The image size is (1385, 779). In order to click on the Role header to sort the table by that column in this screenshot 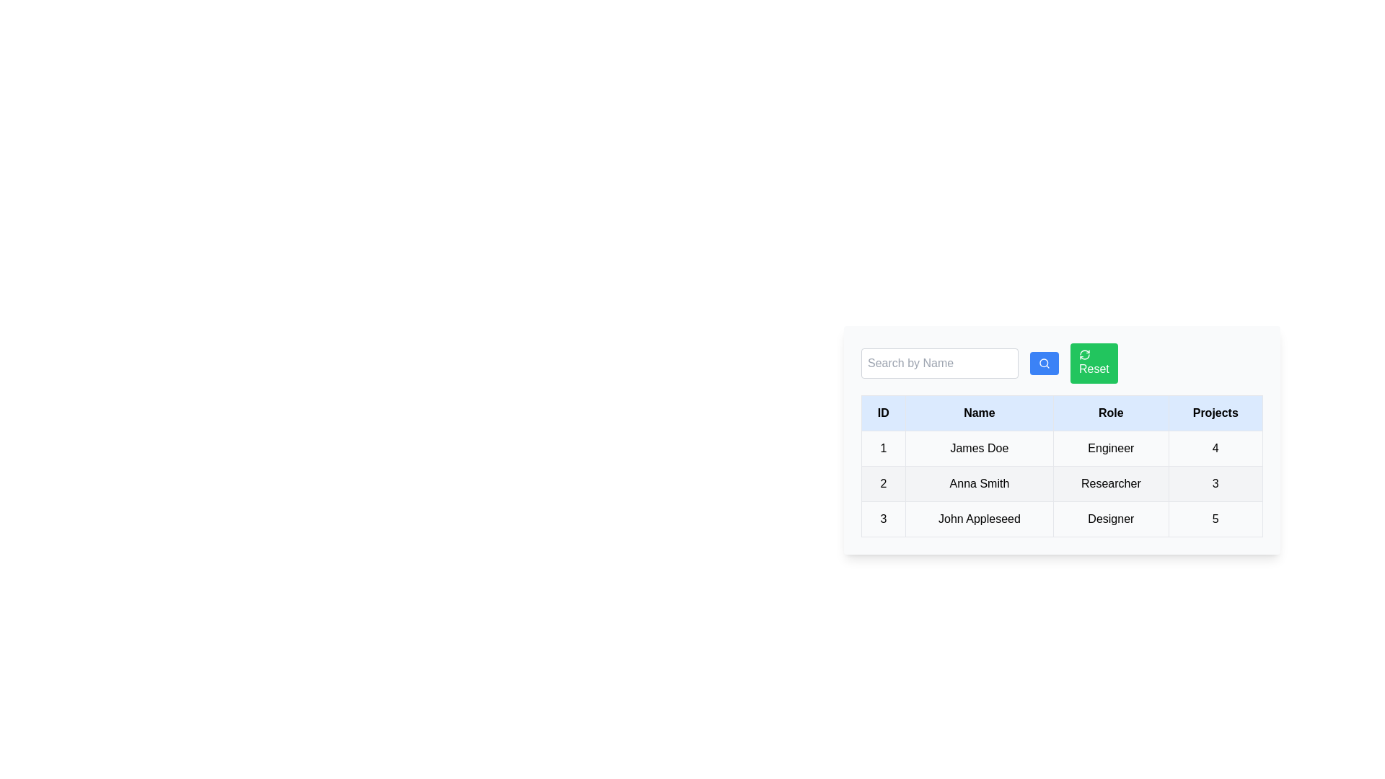, I will do `click(1110, 413)`.